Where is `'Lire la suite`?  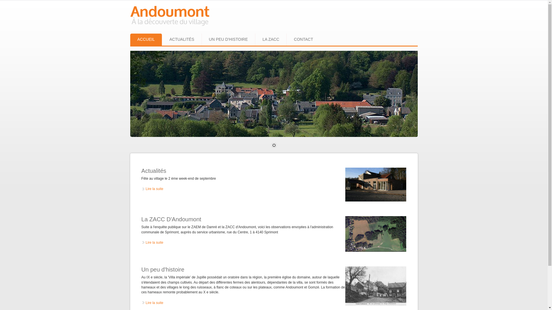 'Lire la suite is located at coordinates (154, 303).